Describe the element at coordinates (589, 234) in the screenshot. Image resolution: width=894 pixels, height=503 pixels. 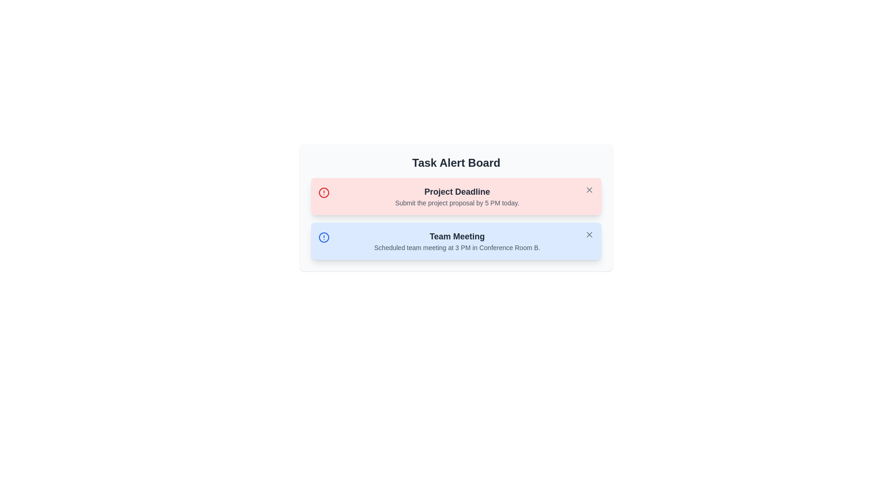
I see `the close button of the task with title 'Team Meeting'` at that location.